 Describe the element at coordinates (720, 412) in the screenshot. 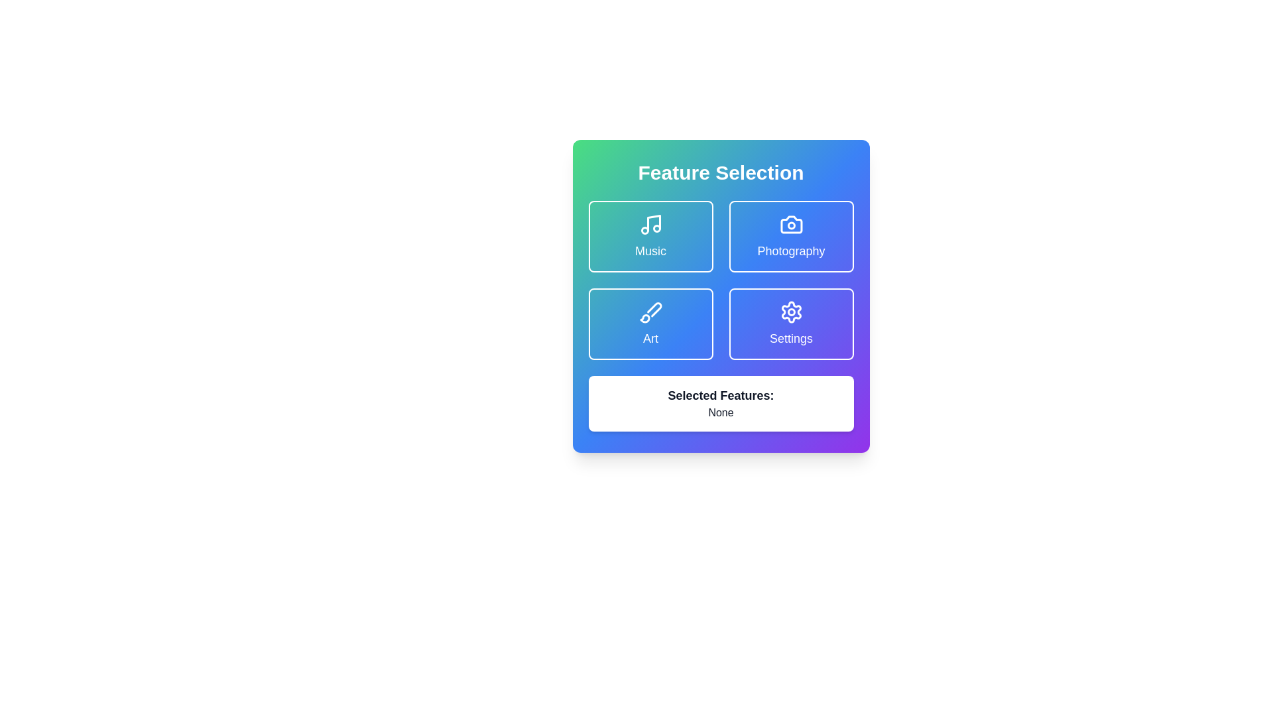

I see `the Text Label indicating no features have been selected, located below the 'Selected Features:' label in the card styled area` at that location.